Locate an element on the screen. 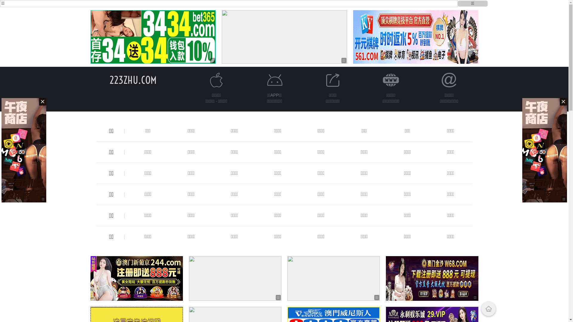  '223ZHU.COM' is located at coordinates (109, 80).